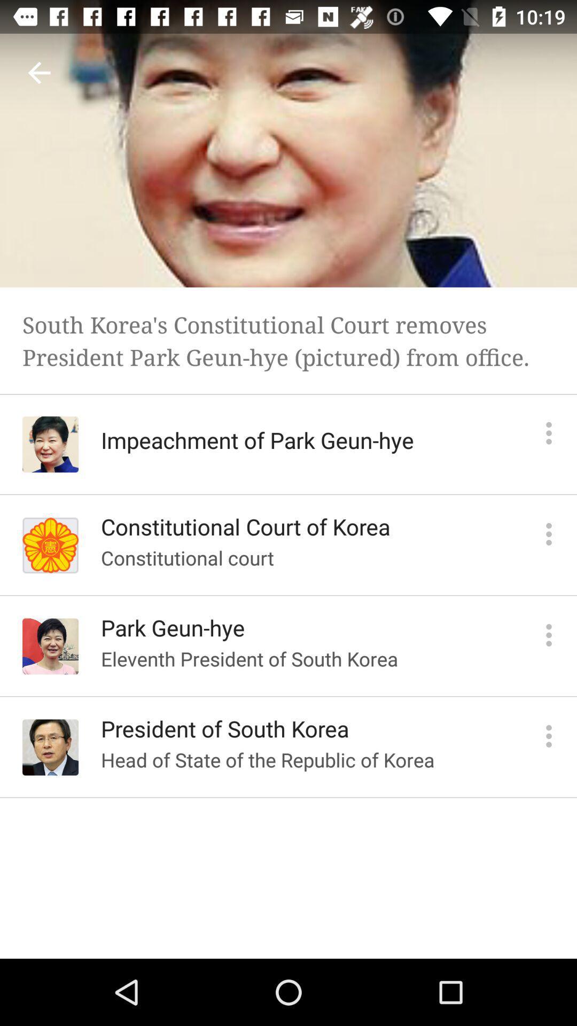  I want to click on three vertical dots that will expand into a new menu, so click(549, 534).